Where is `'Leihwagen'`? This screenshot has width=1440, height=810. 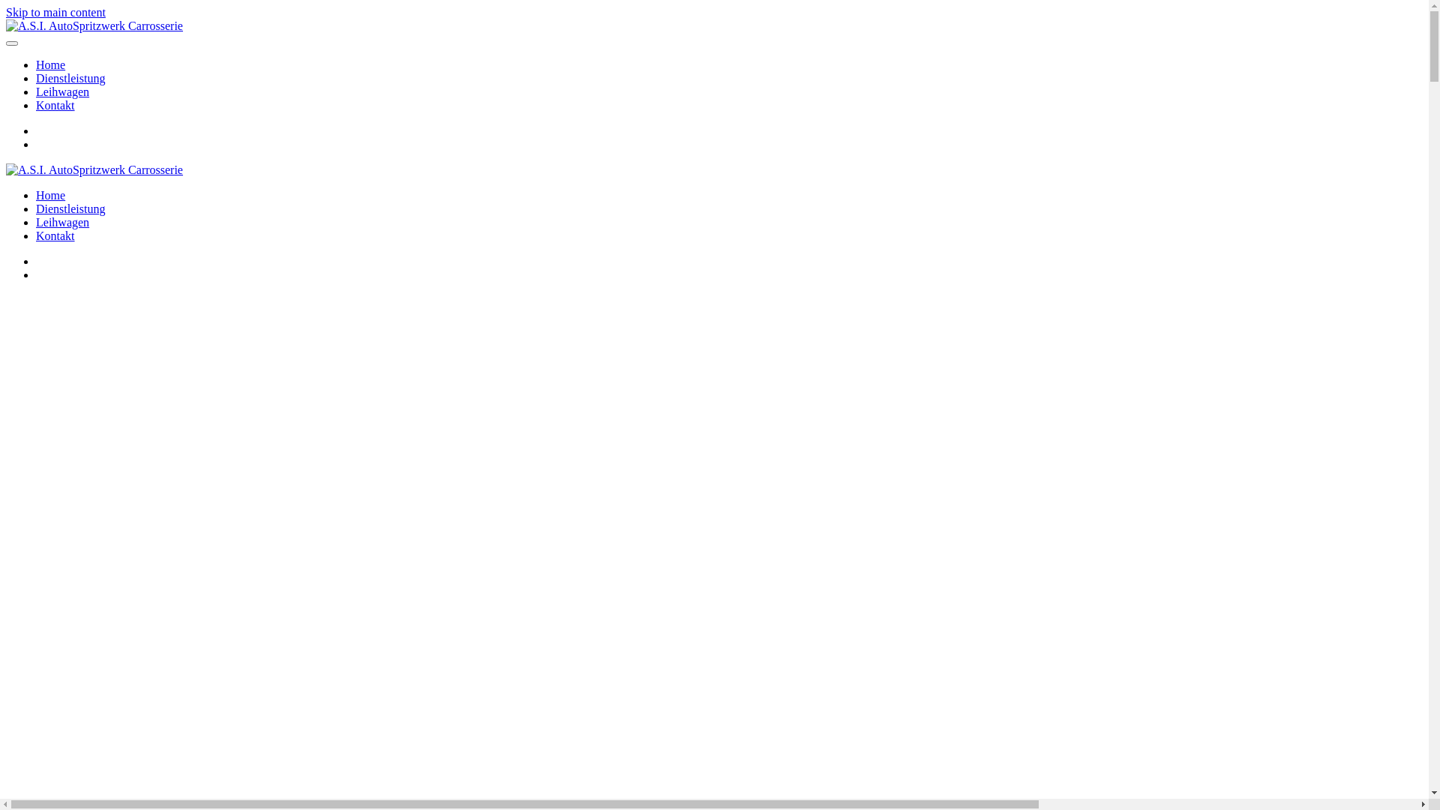
'Leihwagen' is located at coordinates (61, 91).